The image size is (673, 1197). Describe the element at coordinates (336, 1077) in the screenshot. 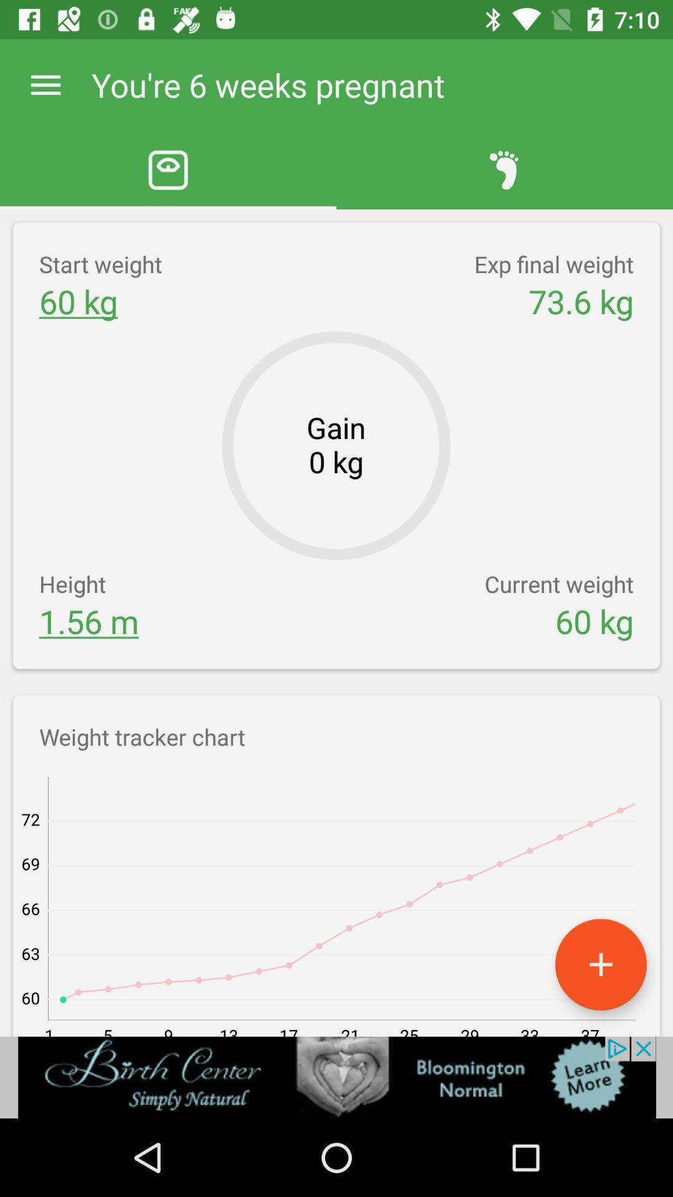

I see `advertisement` at that location.